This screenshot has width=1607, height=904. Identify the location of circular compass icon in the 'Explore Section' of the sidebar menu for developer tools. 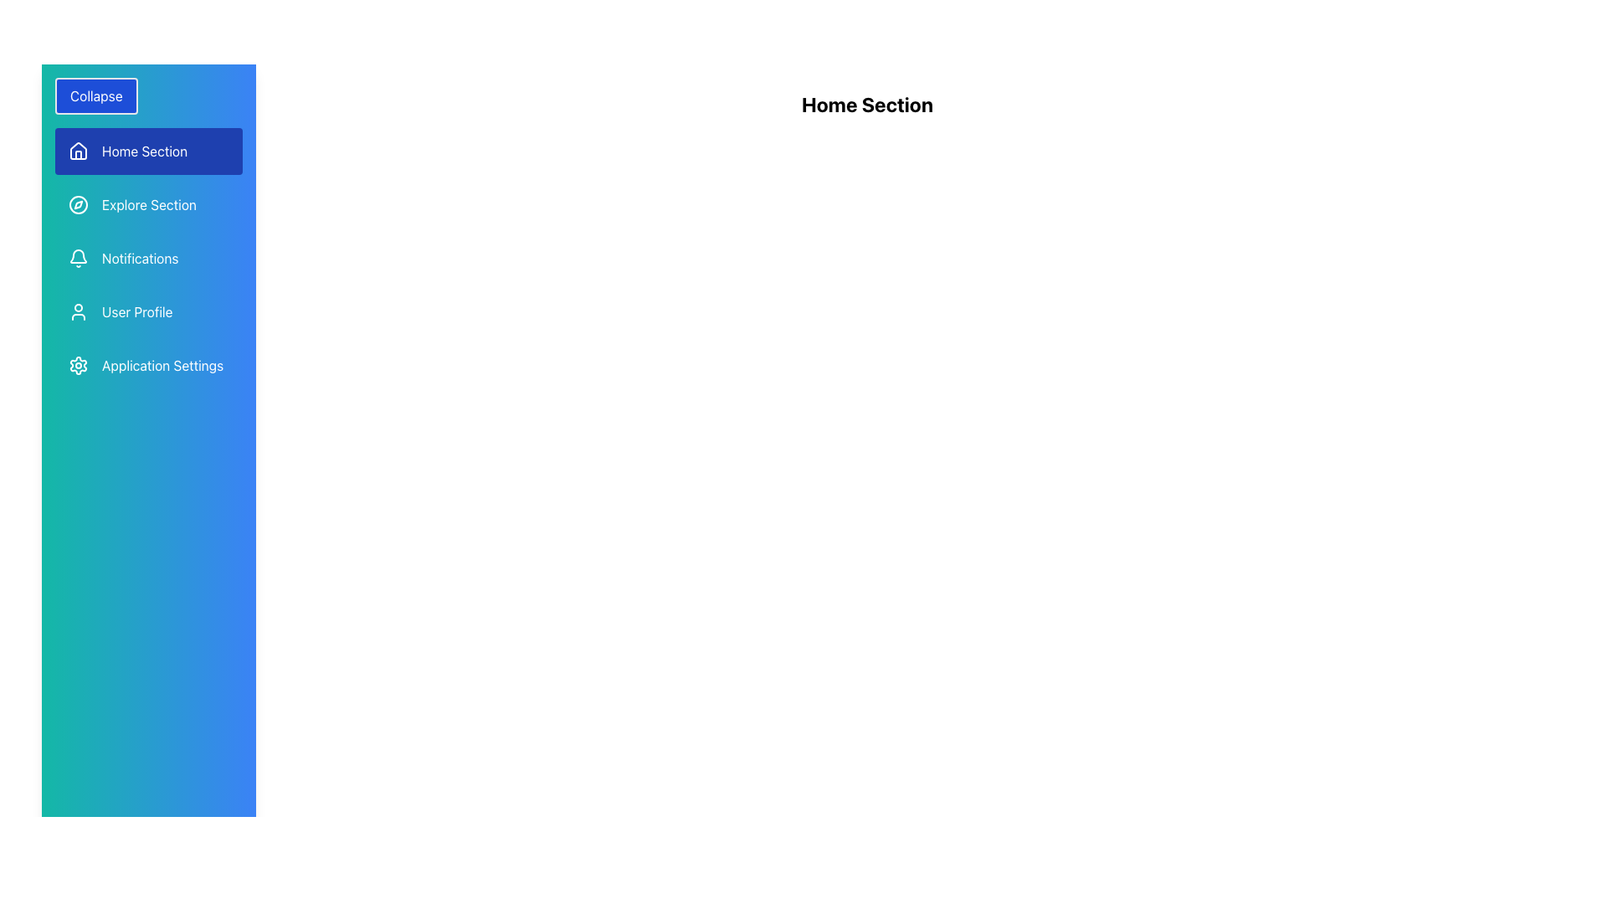
(78, 204).